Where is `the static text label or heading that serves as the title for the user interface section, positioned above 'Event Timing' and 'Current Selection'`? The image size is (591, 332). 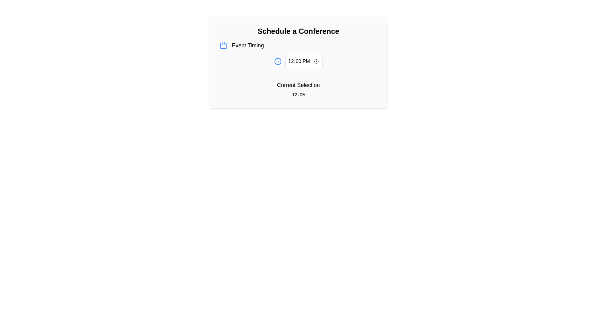 the static text label or heading that serves as the title for the user interface section, positioned above 'Event Timing' and 'Current Selection' is located at coordinates (298, 31).